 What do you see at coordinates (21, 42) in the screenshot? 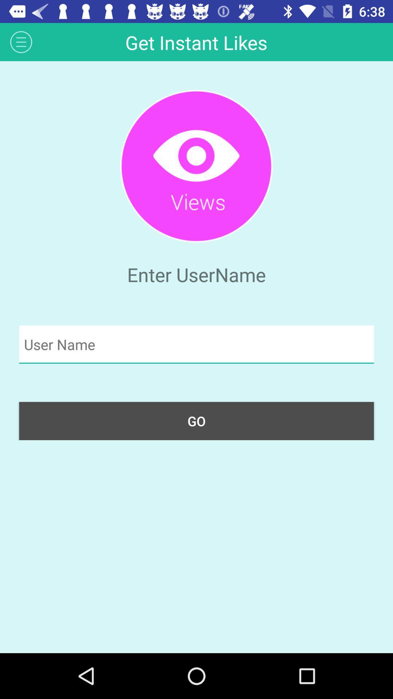
I see `app next to the get instant likes app` at bounding box center [21, 42].